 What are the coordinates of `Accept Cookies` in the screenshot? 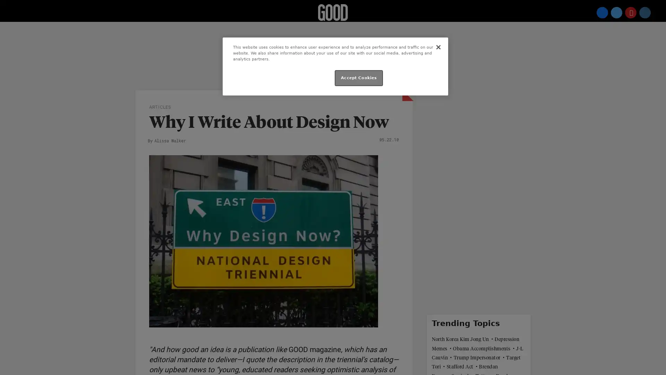 It's located at (359, 78).